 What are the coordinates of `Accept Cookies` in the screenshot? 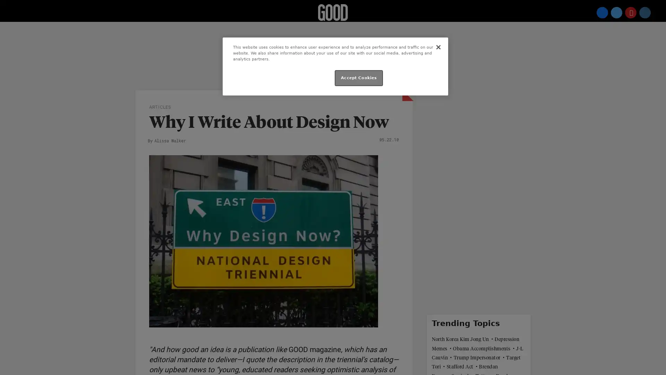 It's located at (359, 78).